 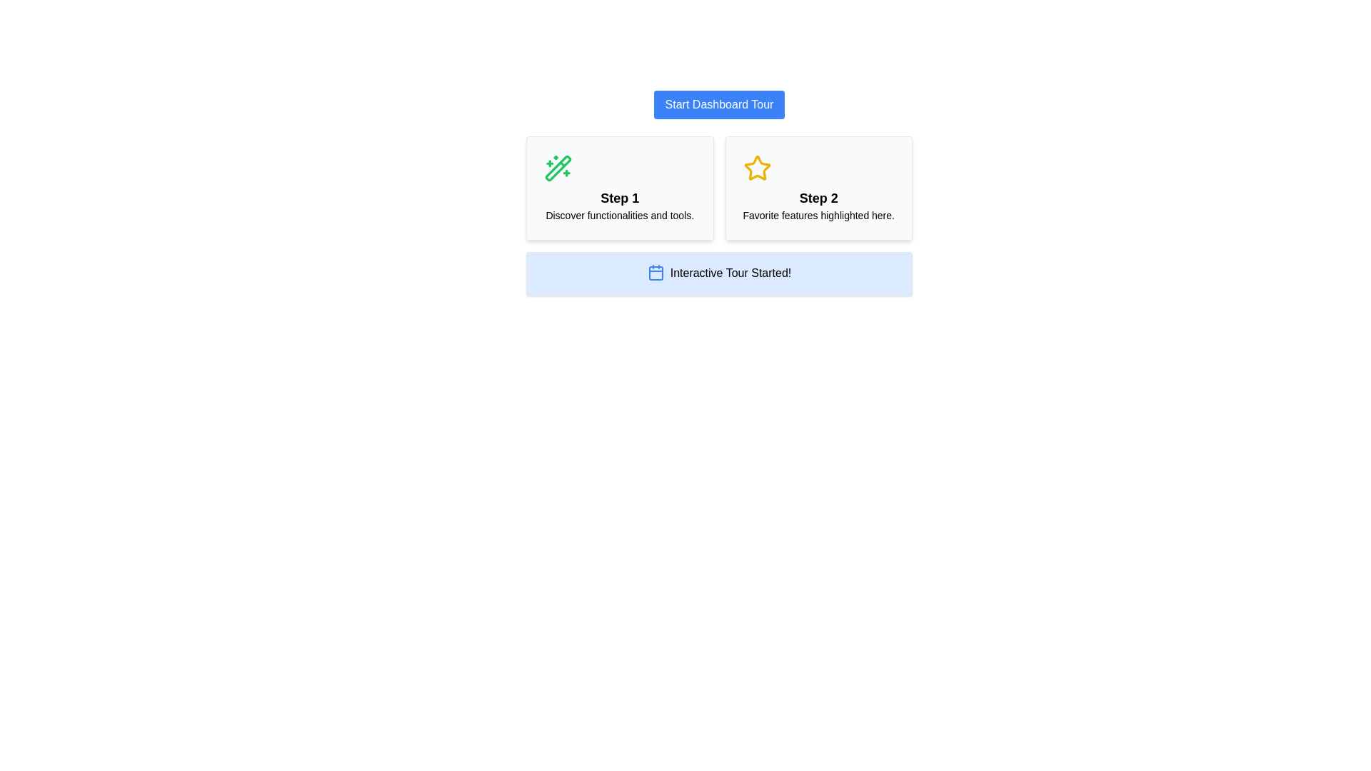 What do you see at coordinates (756, 167) in the screenshot?
I see `the star-shaped icon with a yellow outline located in the second card component labeled 'Step 2', which is centered above the text 'Favorite features highlighted here.'` at bounding box center [756, 167].